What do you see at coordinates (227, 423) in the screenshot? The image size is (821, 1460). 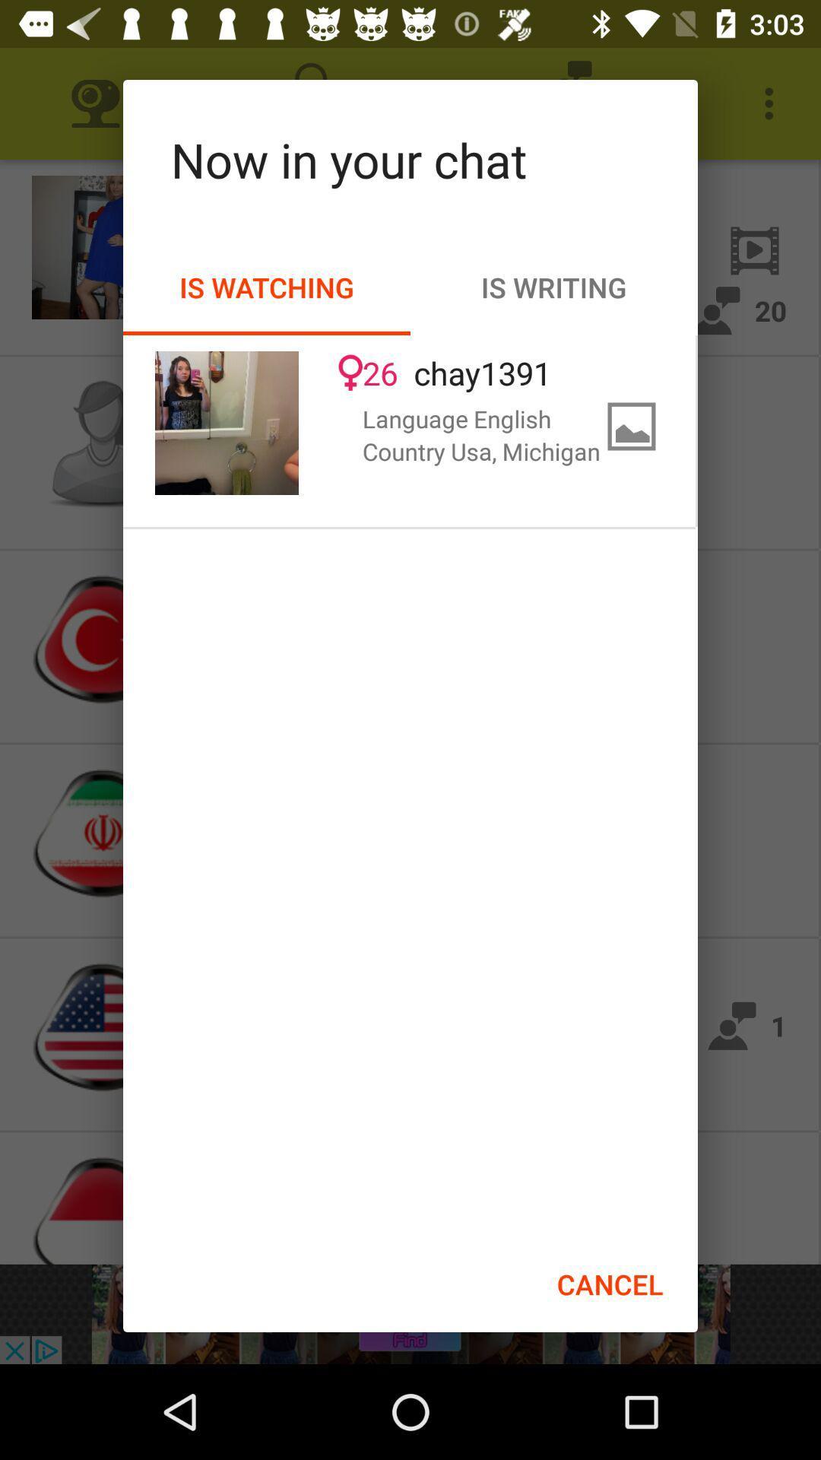 I see `the item below is watching` at bounding box center [227, 423].